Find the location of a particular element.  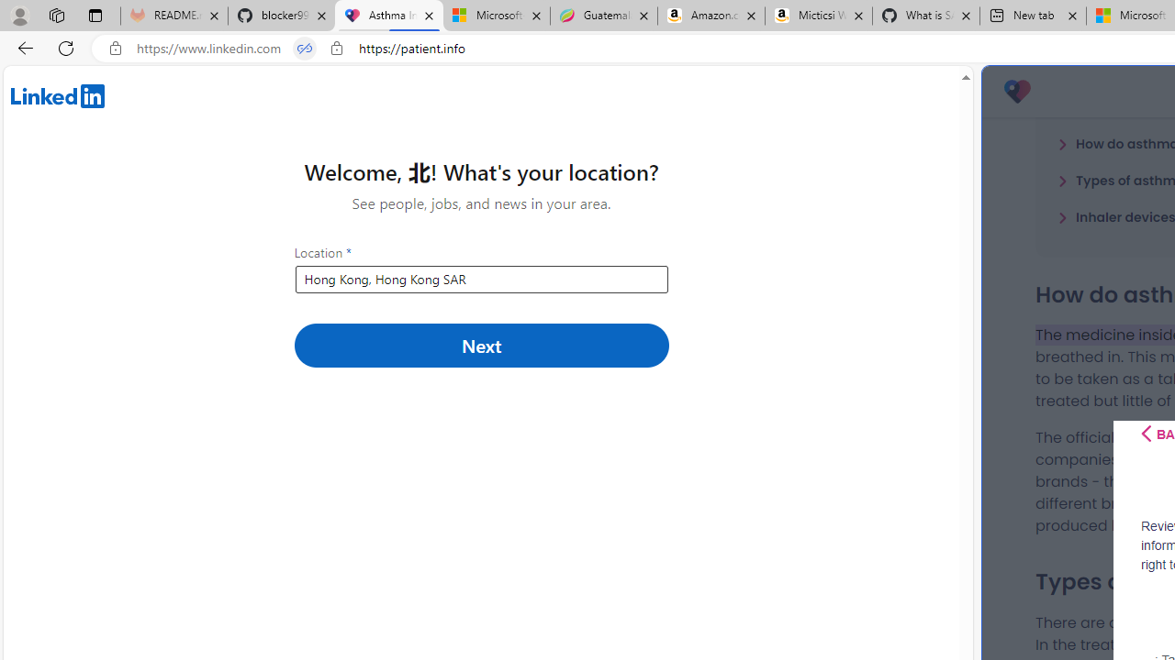

'Asthma Inhalers: Names and Types' is located at coordinates (388, 16).